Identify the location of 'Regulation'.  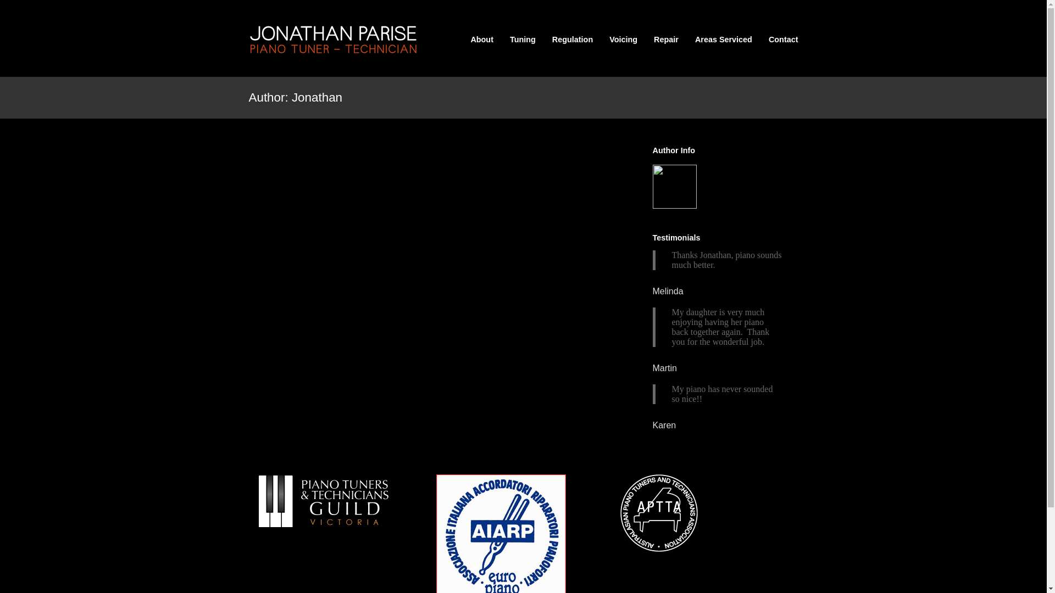
(571, 39).